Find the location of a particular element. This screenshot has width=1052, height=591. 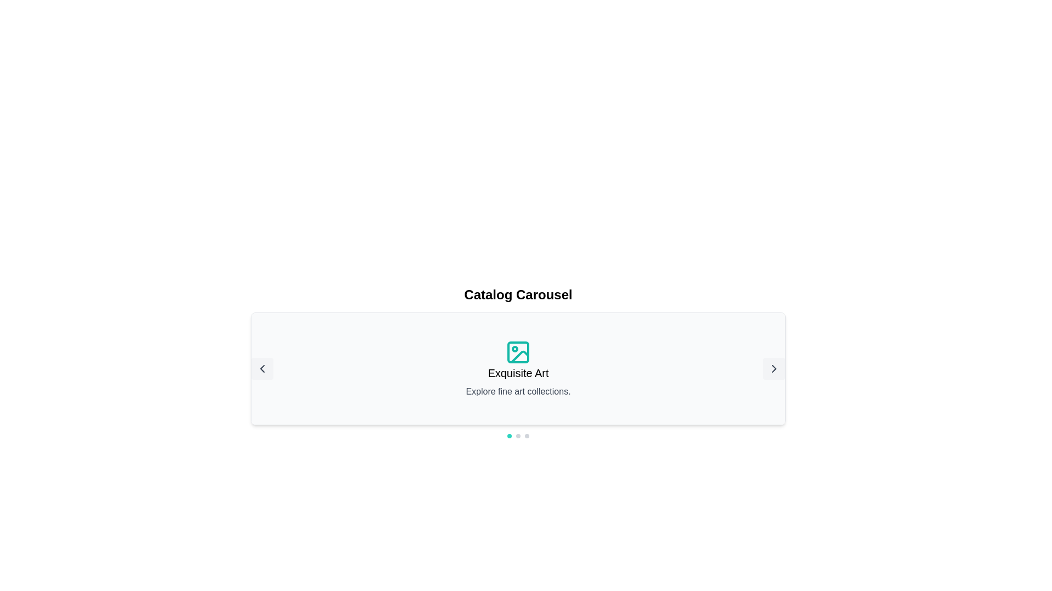

the teal rectangular vector graphic component with rounded corners located within the SVG icon, positioned above the text 'Exquisite Art' is located at coordinates (517, 352).